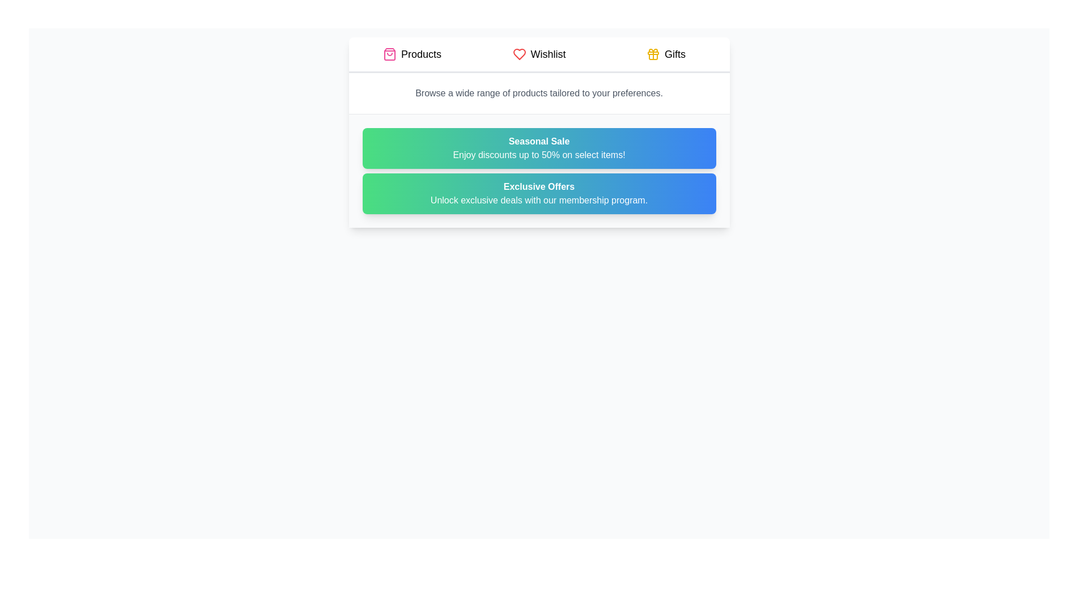 The height and width of the screenshot is (612, 1088). What do you see at coordinates (538, 193) in the screenshot?
I see `the promotion identified by Exclusive Offers` at bounding box center [538, 193].